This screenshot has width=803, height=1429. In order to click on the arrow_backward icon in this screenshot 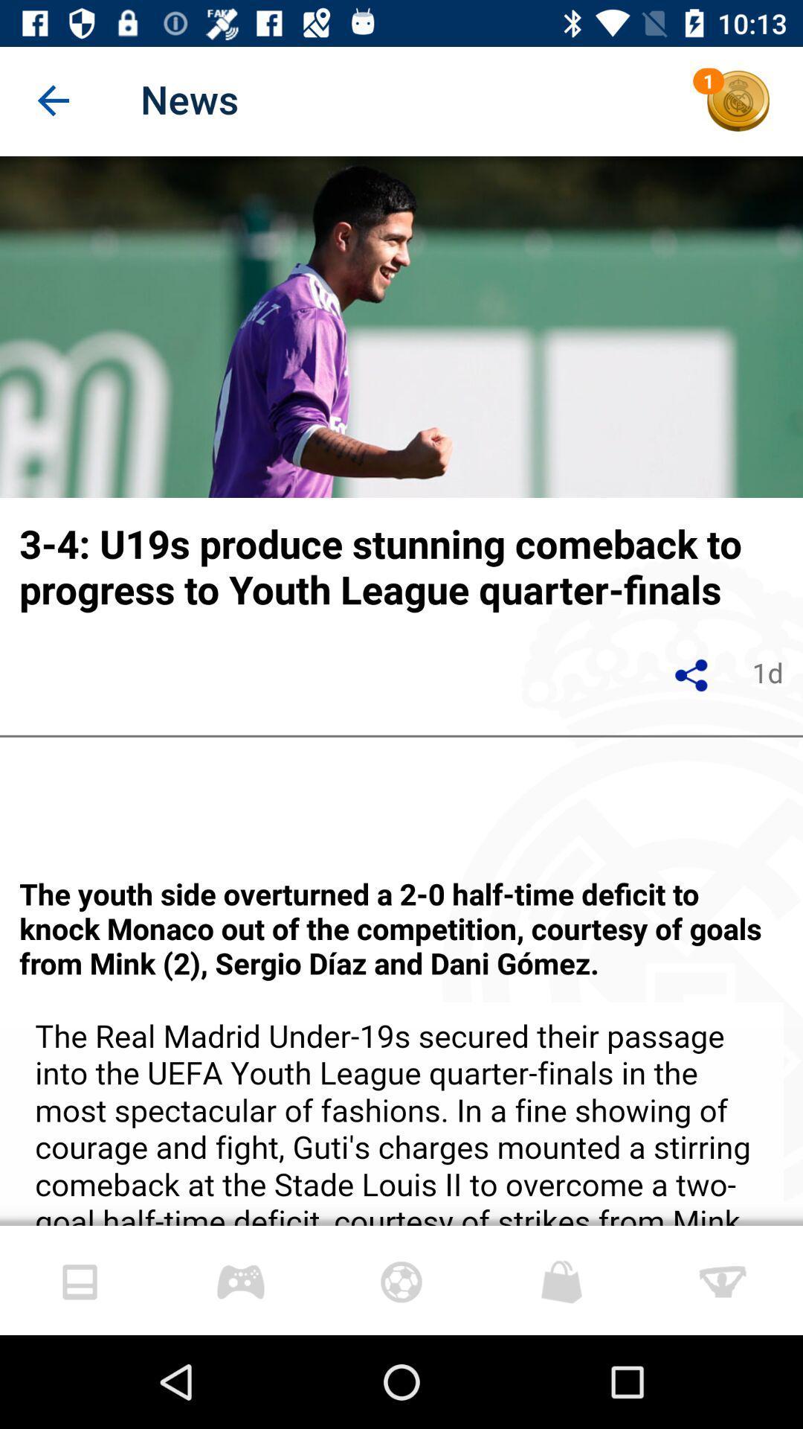, I will do `click(54, 100)`.